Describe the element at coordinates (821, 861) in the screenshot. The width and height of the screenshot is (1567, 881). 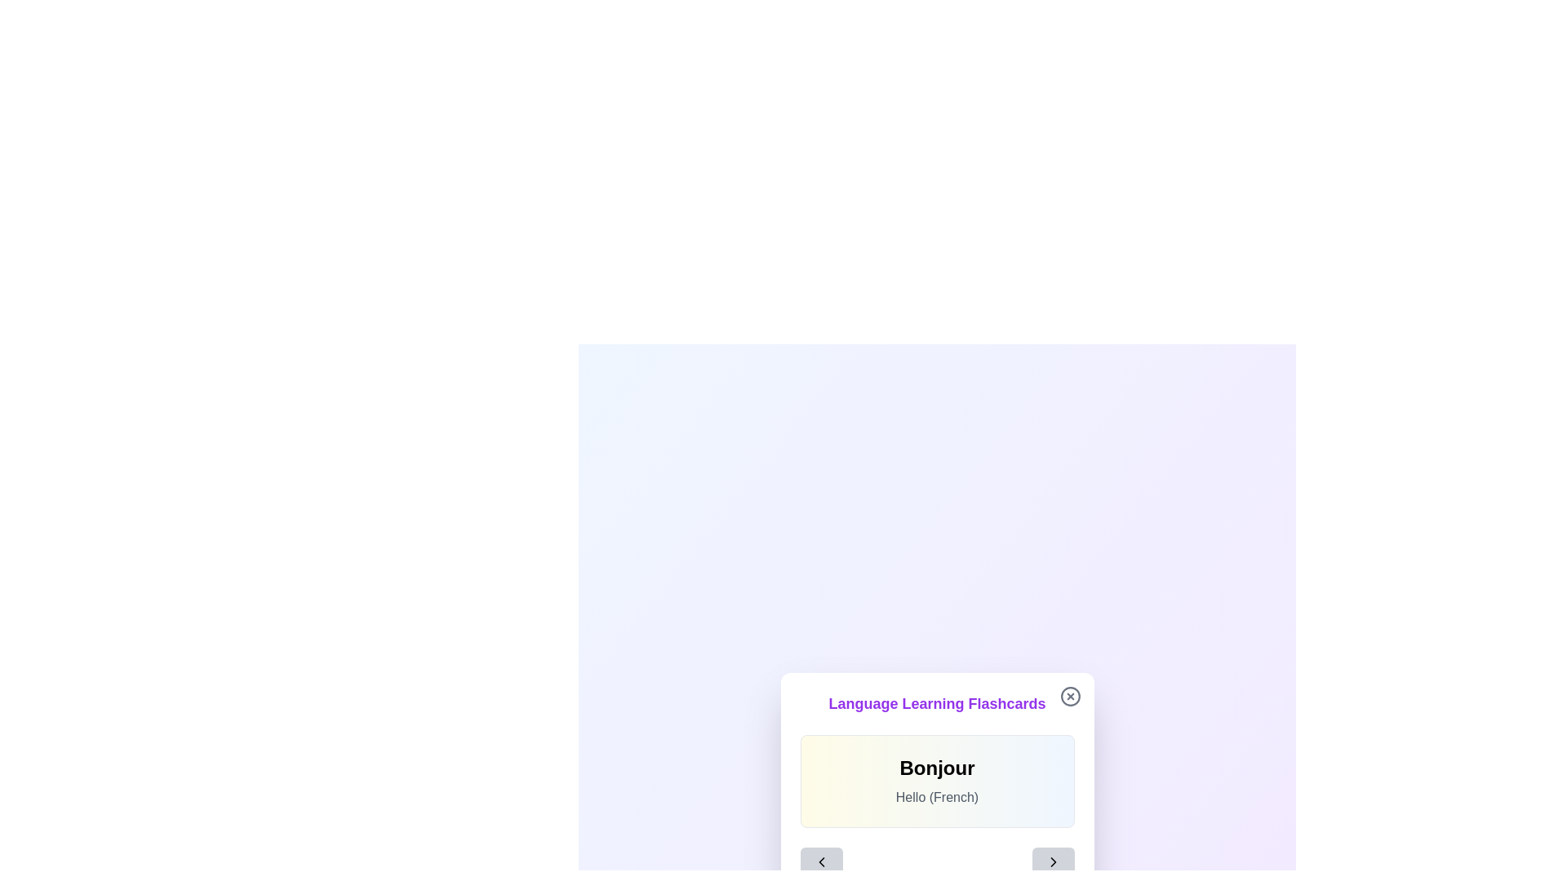
I see `the button for navigating to the previous card in the 'Language Learning Flashcards' section` at that location.